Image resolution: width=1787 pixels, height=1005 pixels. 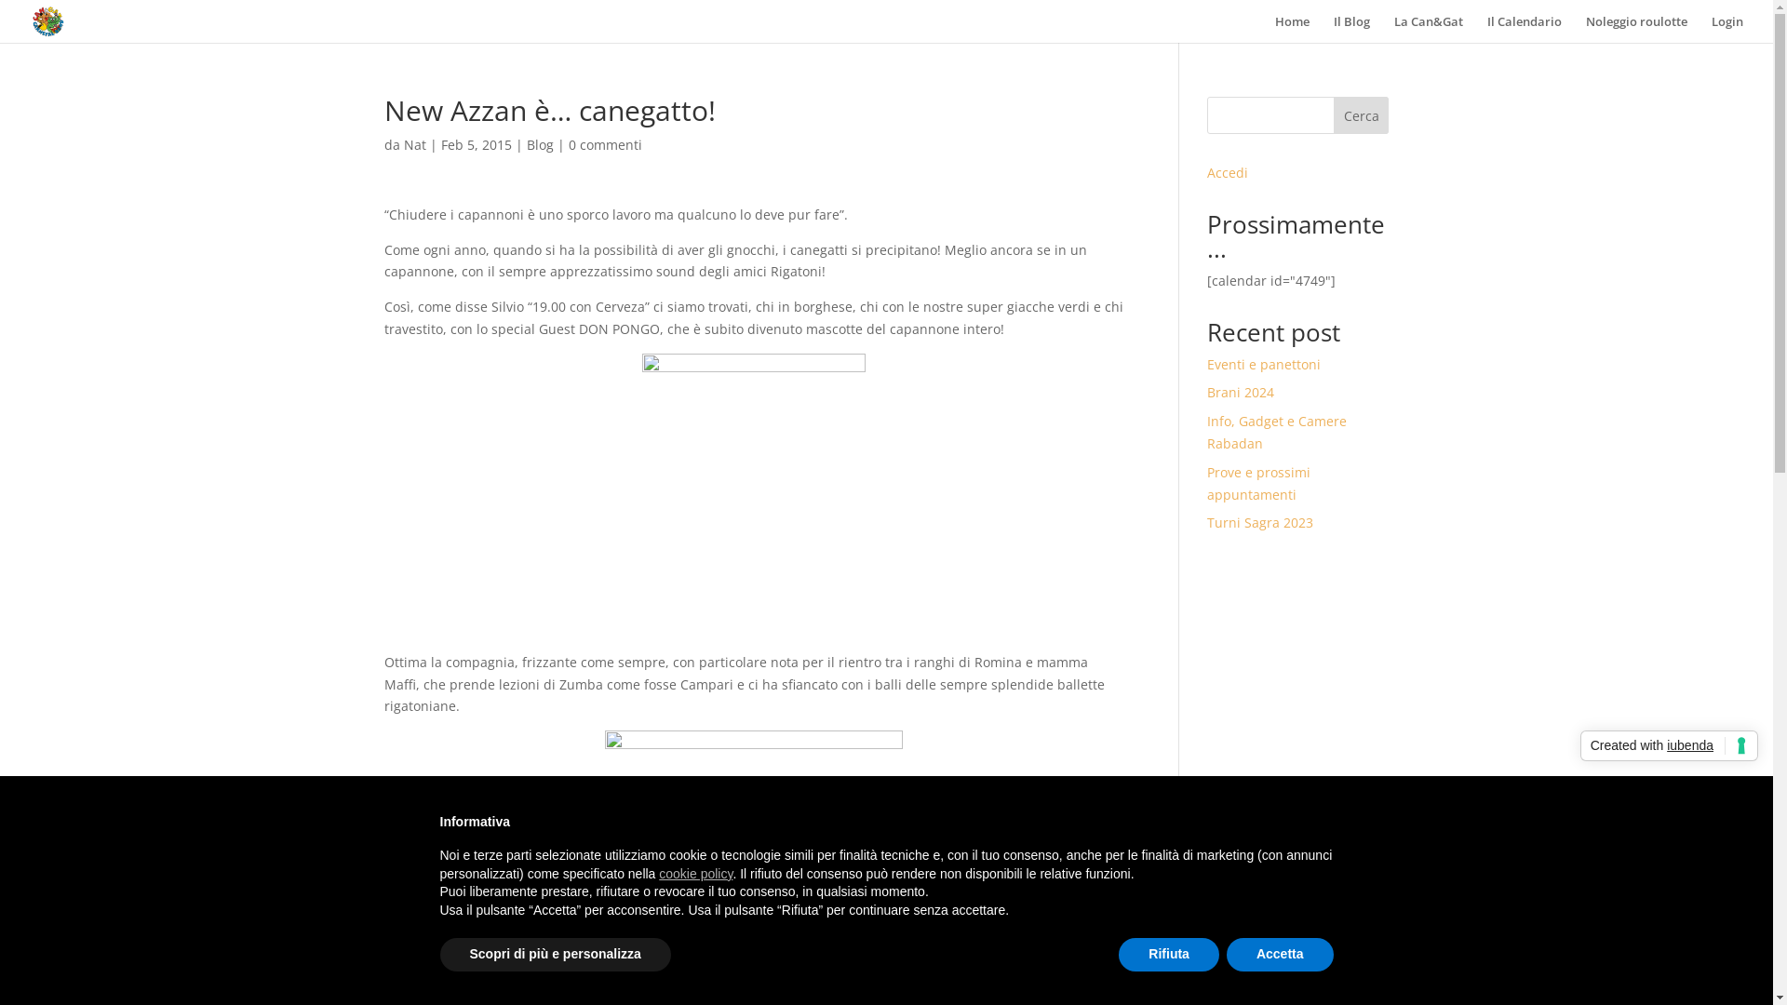 What do you see at coordinates (1428, 28) in the screenshot?
I see `'La Can&Gat'` at bounding box center [1428, 28].